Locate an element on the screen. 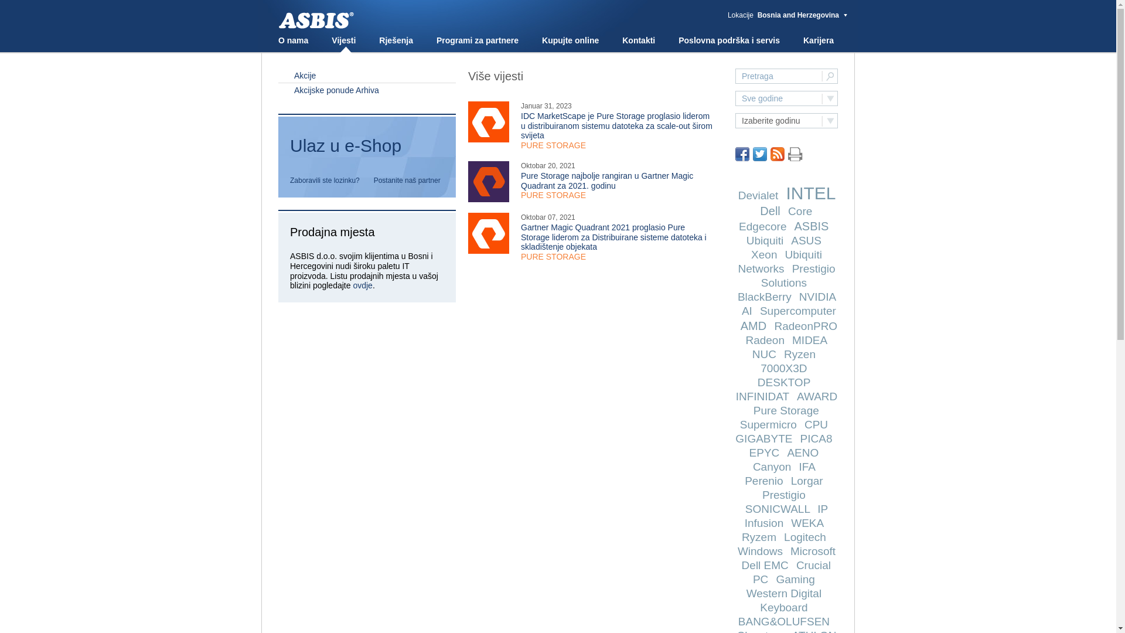 This screenshot has width=1125, height=633. 'Gaming' is located at coordinates (795, 578).